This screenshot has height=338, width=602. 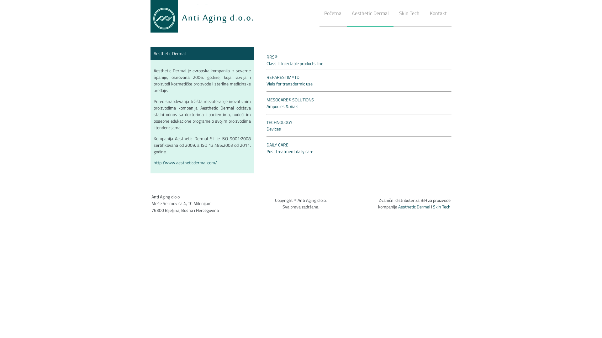 What do you see at coordinates (185, 162) in the screenshot?
I see `'http://www.aestheticdermal.com/'` at bounding box center [185, 162].